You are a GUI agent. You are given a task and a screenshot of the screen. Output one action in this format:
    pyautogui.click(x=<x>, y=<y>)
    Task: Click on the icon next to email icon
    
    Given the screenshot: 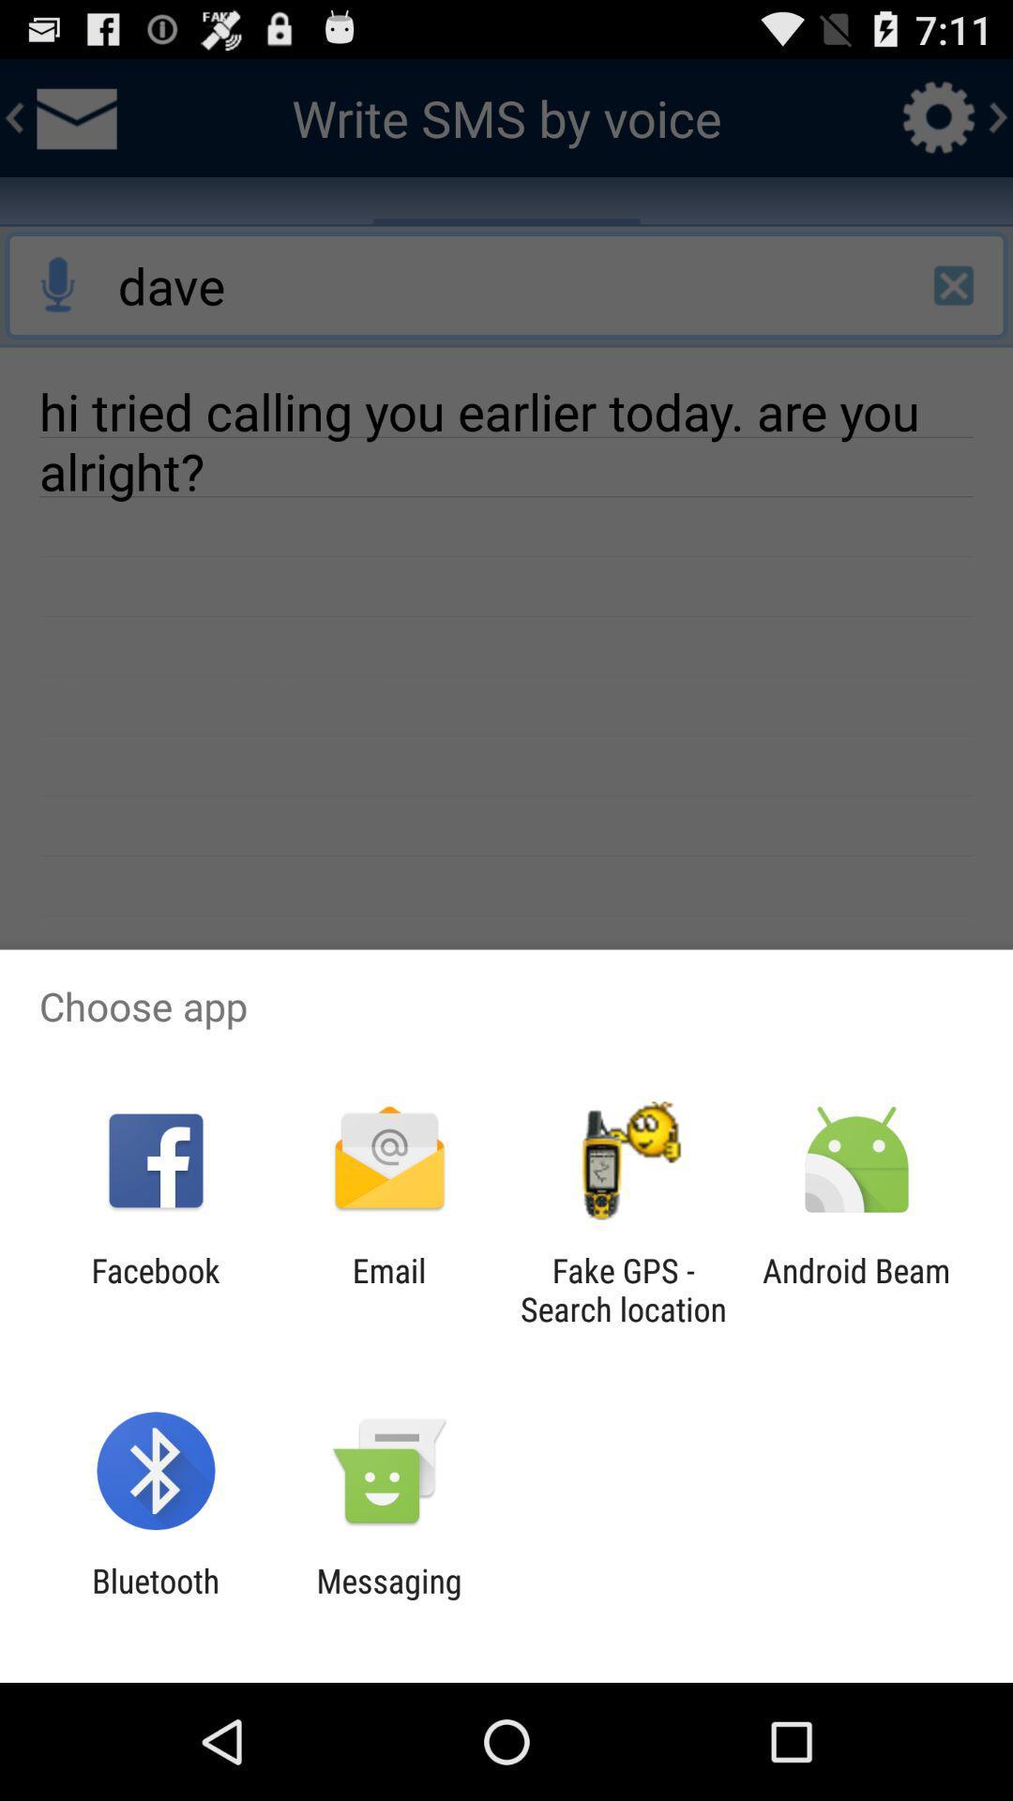 What is the action you would take?
    pyautogui.click(x=623, y=1289)
    